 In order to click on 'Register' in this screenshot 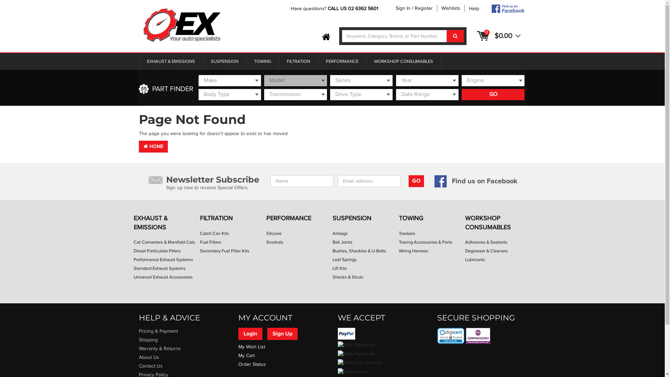, I will do `click(423, 8)`.